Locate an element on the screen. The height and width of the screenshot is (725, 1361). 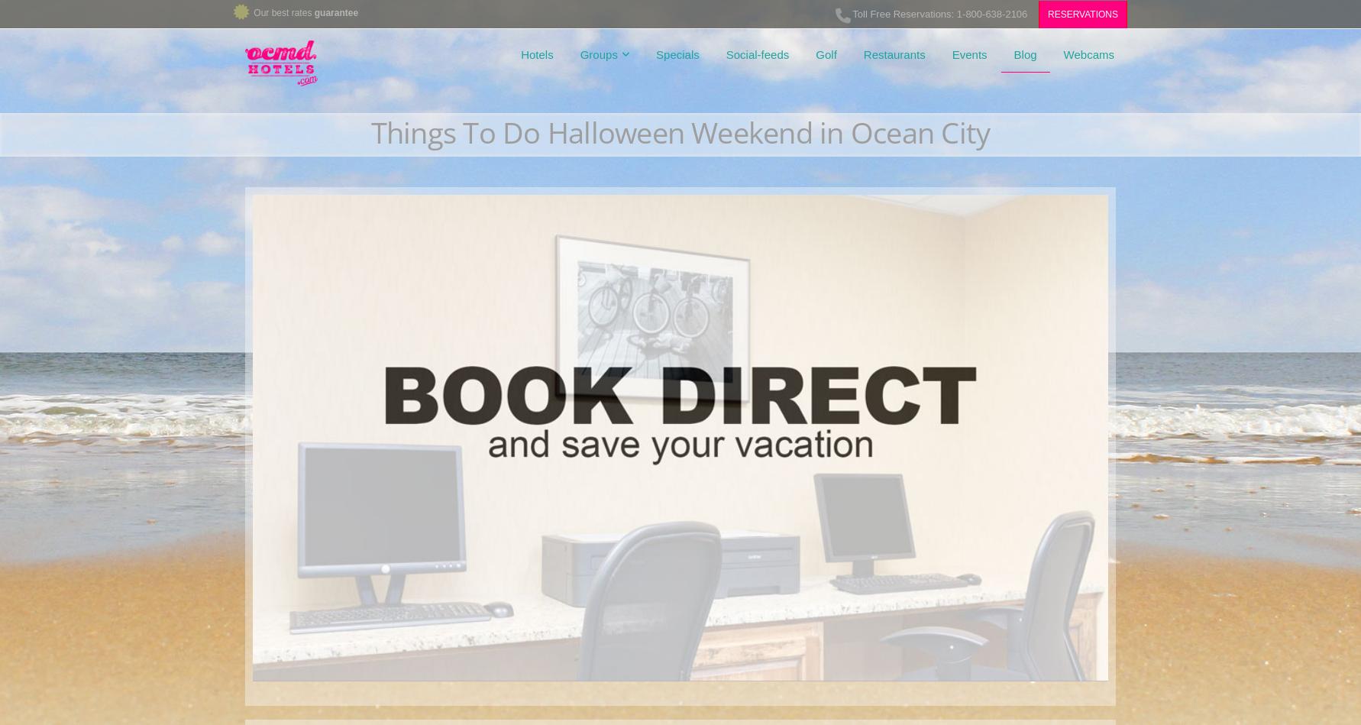
'Things To Do Halloween Weekend in Ocean City' is located at coordinates (679, 131).